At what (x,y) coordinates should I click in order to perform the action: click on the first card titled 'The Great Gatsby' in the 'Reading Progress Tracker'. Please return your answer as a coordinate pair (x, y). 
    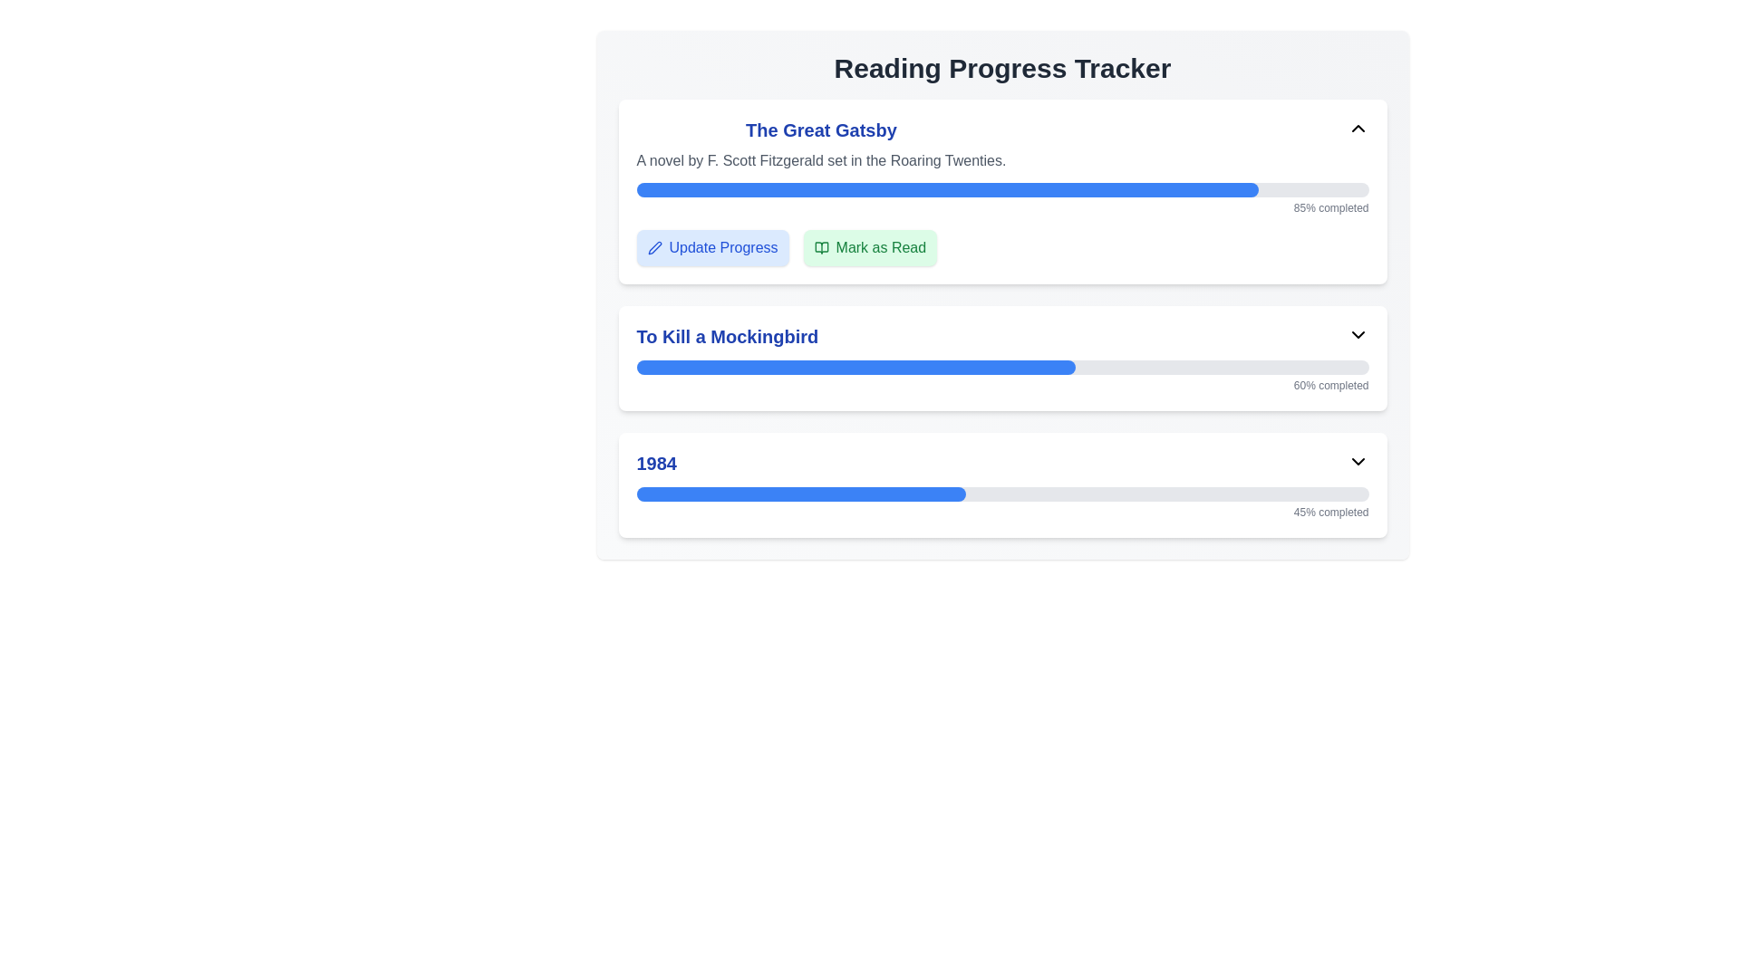
    Looking at the image, I should click on (1001, 192).